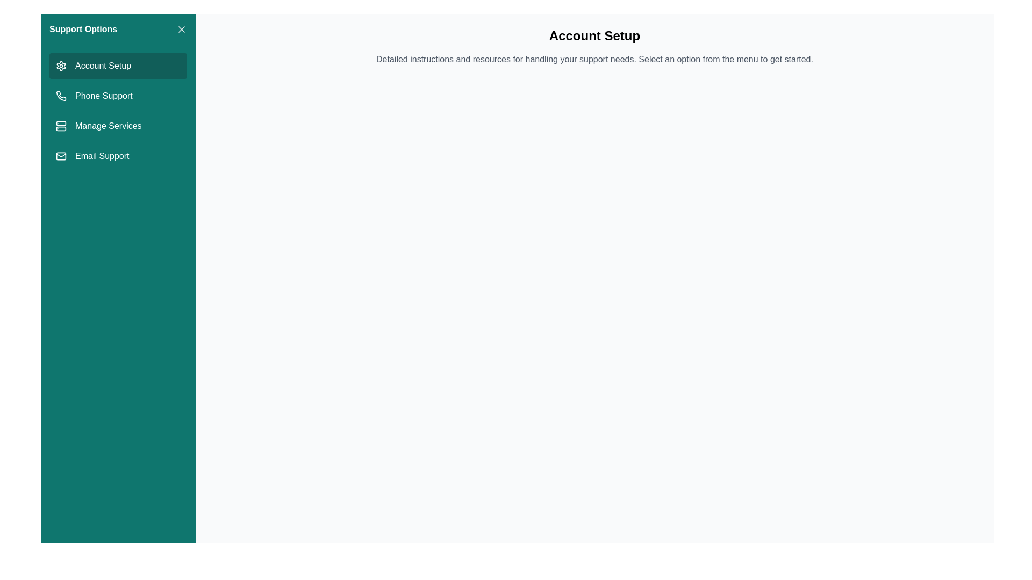 The image size is (1032, 580). I want to click on the 'Phone Support' button, which is the second menu item on the left with a teal background and a phone icon, so click(118, 95).